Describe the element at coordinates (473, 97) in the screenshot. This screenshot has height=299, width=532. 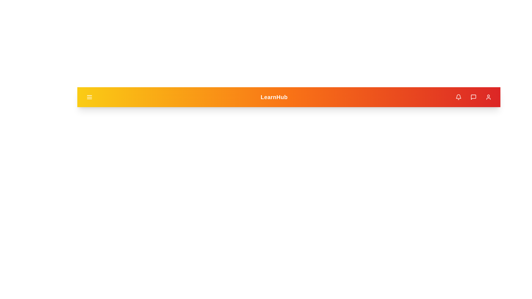
I see `the 'messages' icon in the app bar` at that location.